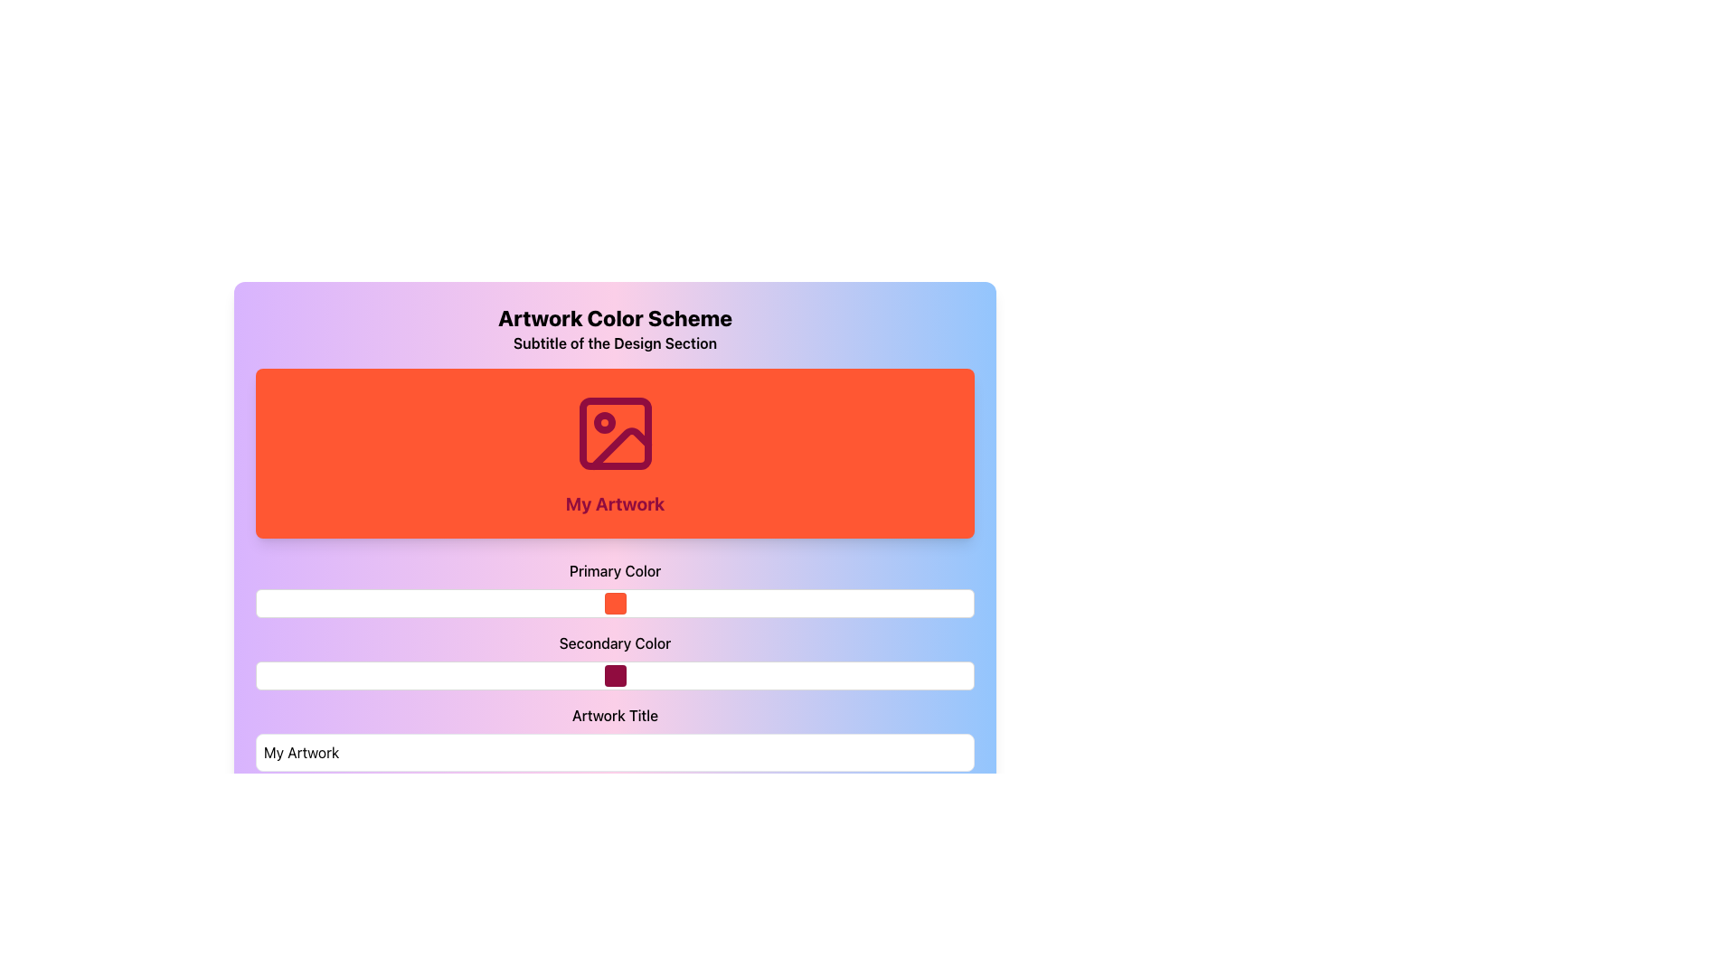 Image resolution: width=1736 pixels, height=976 pixels. Describe the element at coordinates (615, 662) in the screenshot. I see `the 'Secondary Color' rectangular block of the Color Picker` at that location.